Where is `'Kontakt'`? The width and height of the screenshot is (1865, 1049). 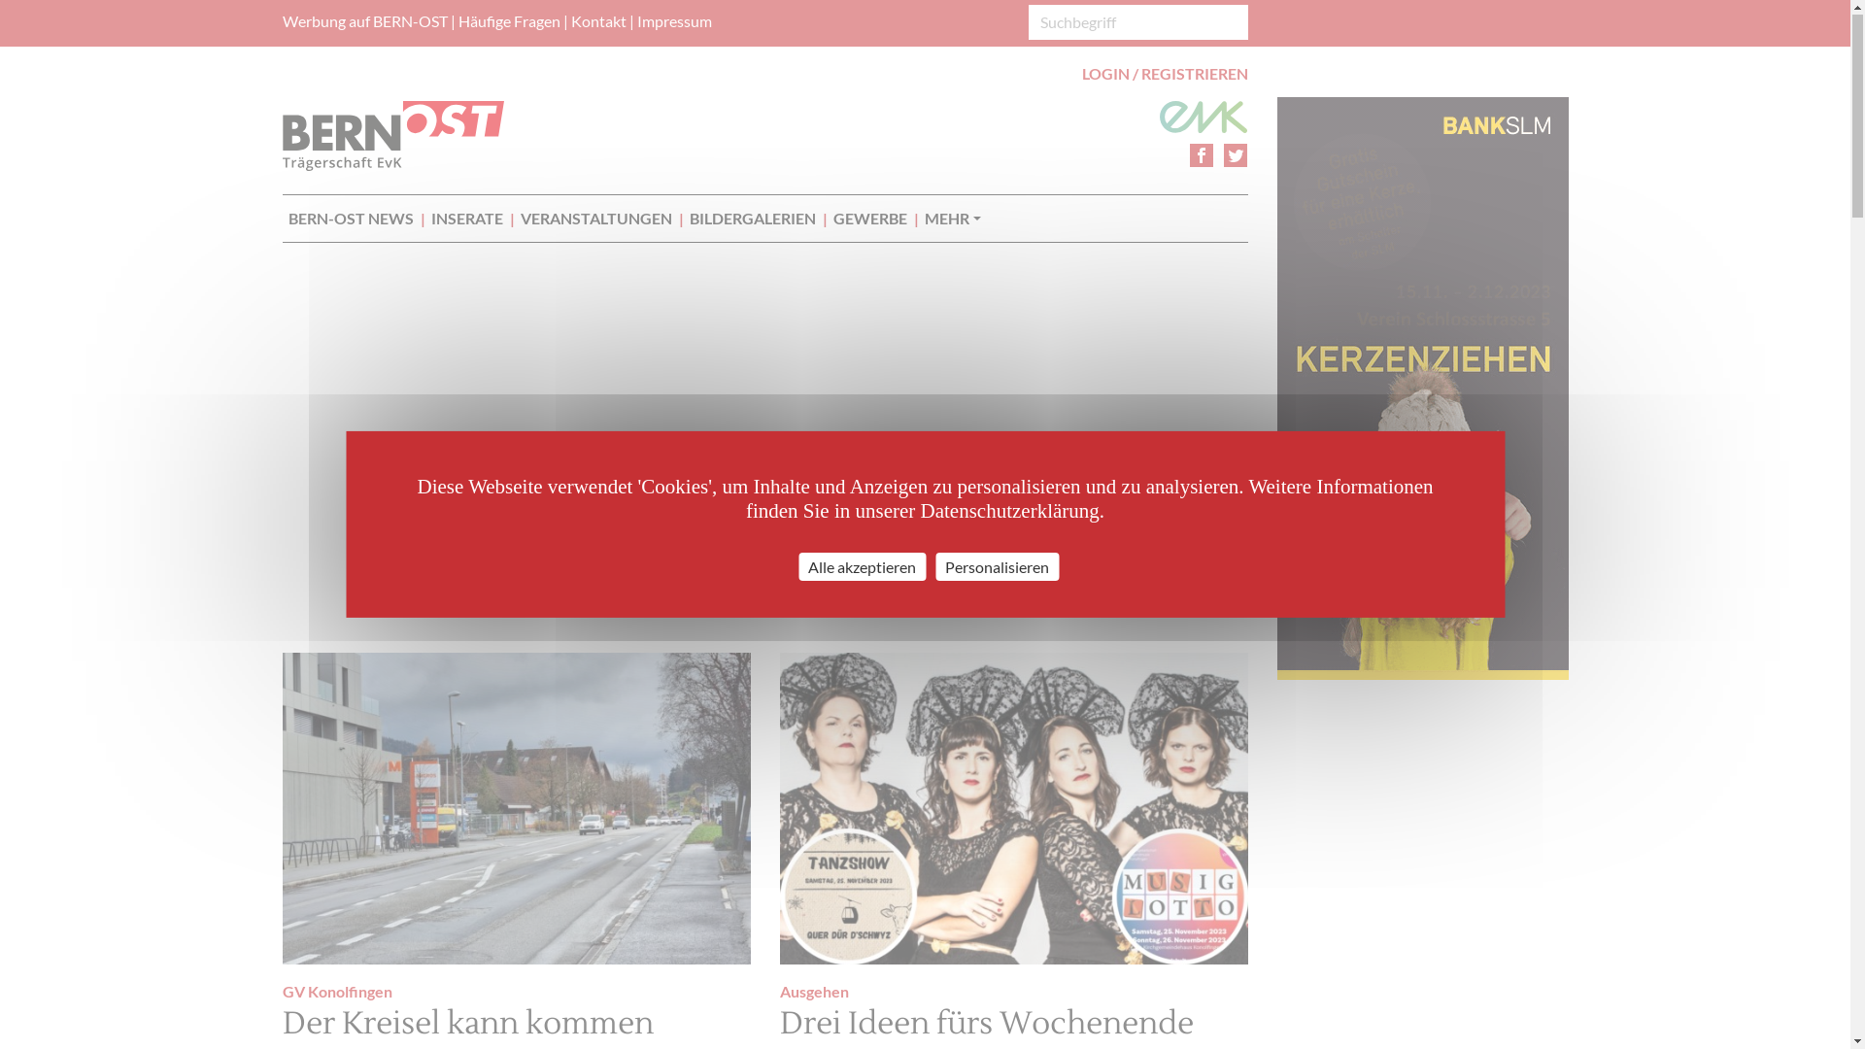
'Kontakt' is located at coordinates (570, 22).